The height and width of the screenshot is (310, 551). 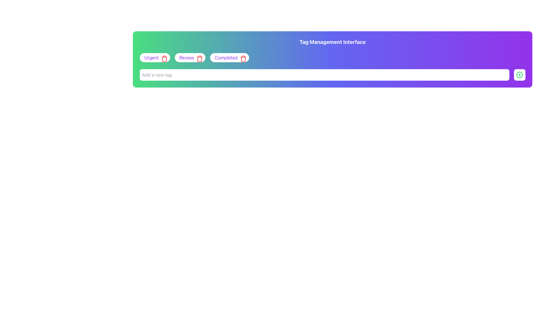 What do you see at coordinates (164, 59) in the screenshot?
I see `the delete icon button located immediately to the right of the 'Urgent' button, which is part of a series of buttons for managing task statuses` at bounding box center [164, 59].